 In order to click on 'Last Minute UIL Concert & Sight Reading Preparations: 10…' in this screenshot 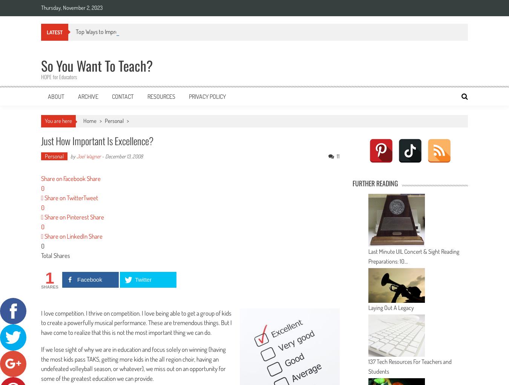, I will do `click(414, 256)`.